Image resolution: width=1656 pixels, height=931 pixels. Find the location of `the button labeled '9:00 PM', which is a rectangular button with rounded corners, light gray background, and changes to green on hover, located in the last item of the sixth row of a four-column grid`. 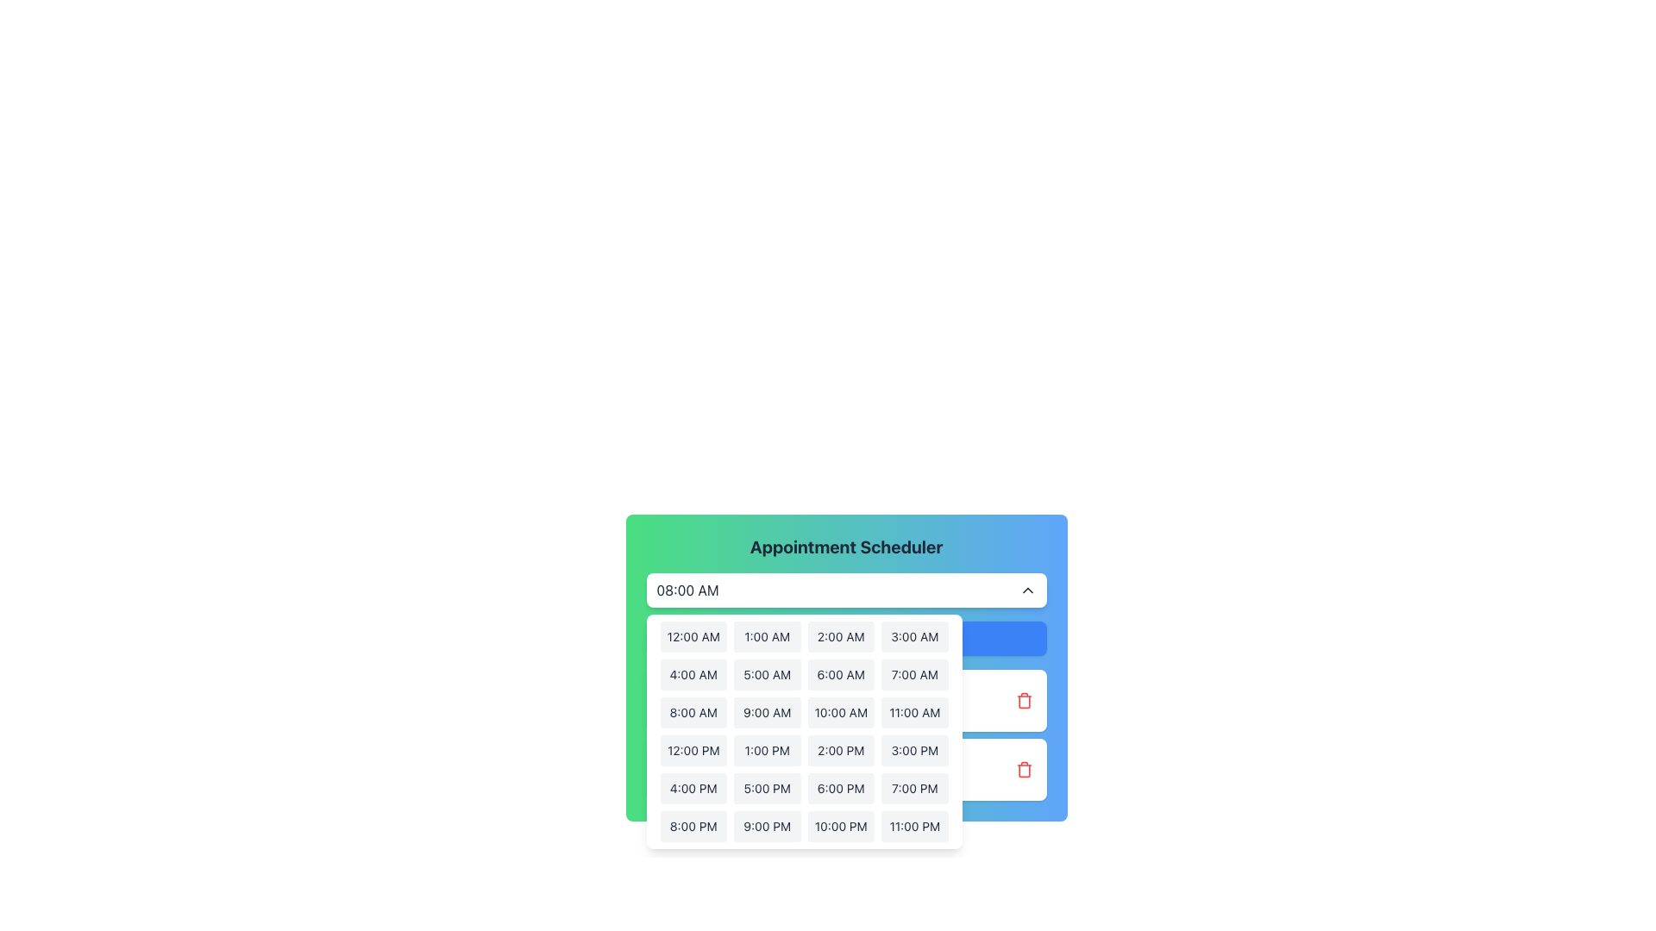

the button labeled '9:00 PM', which is a rectangular button with rounded corners, light gray background, and changes to green on hover, located in the last item of the sixth row of a four-column grid is located at coordinates (766, 826).